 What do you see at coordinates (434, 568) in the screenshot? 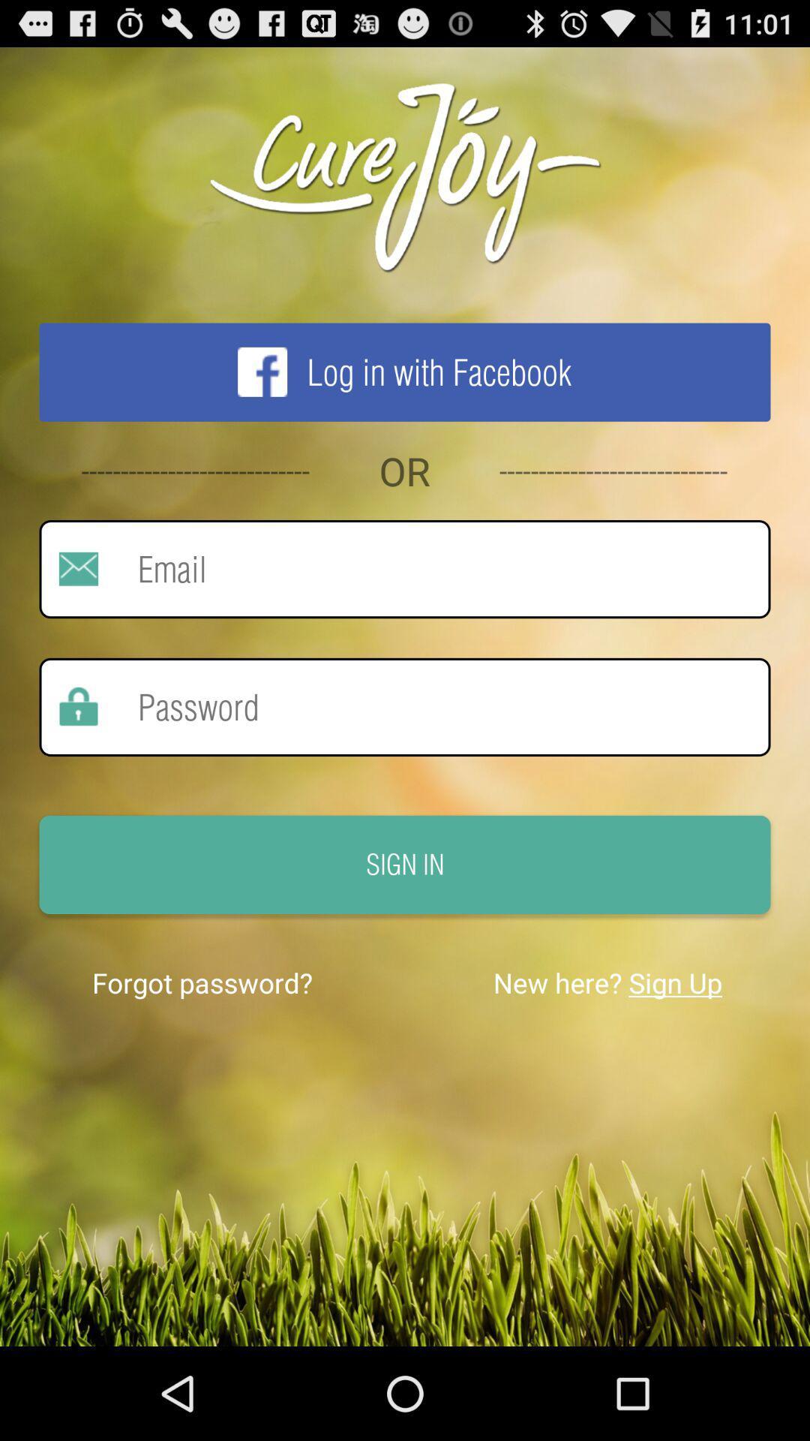
I see `email here` at bounding box center [434, 568].